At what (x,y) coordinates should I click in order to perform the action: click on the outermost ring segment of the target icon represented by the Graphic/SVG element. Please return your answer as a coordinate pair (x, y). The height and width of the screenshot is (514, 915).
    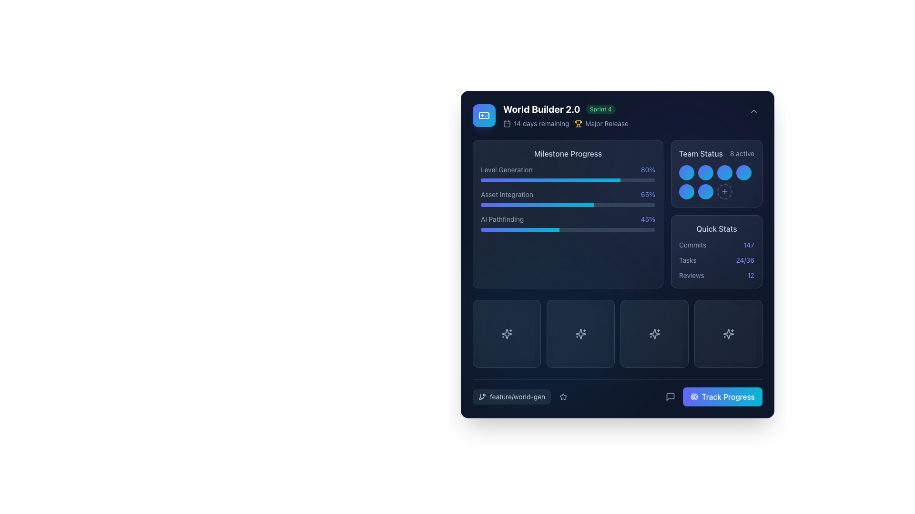
    Looking at the image, I should click on (694, 396).